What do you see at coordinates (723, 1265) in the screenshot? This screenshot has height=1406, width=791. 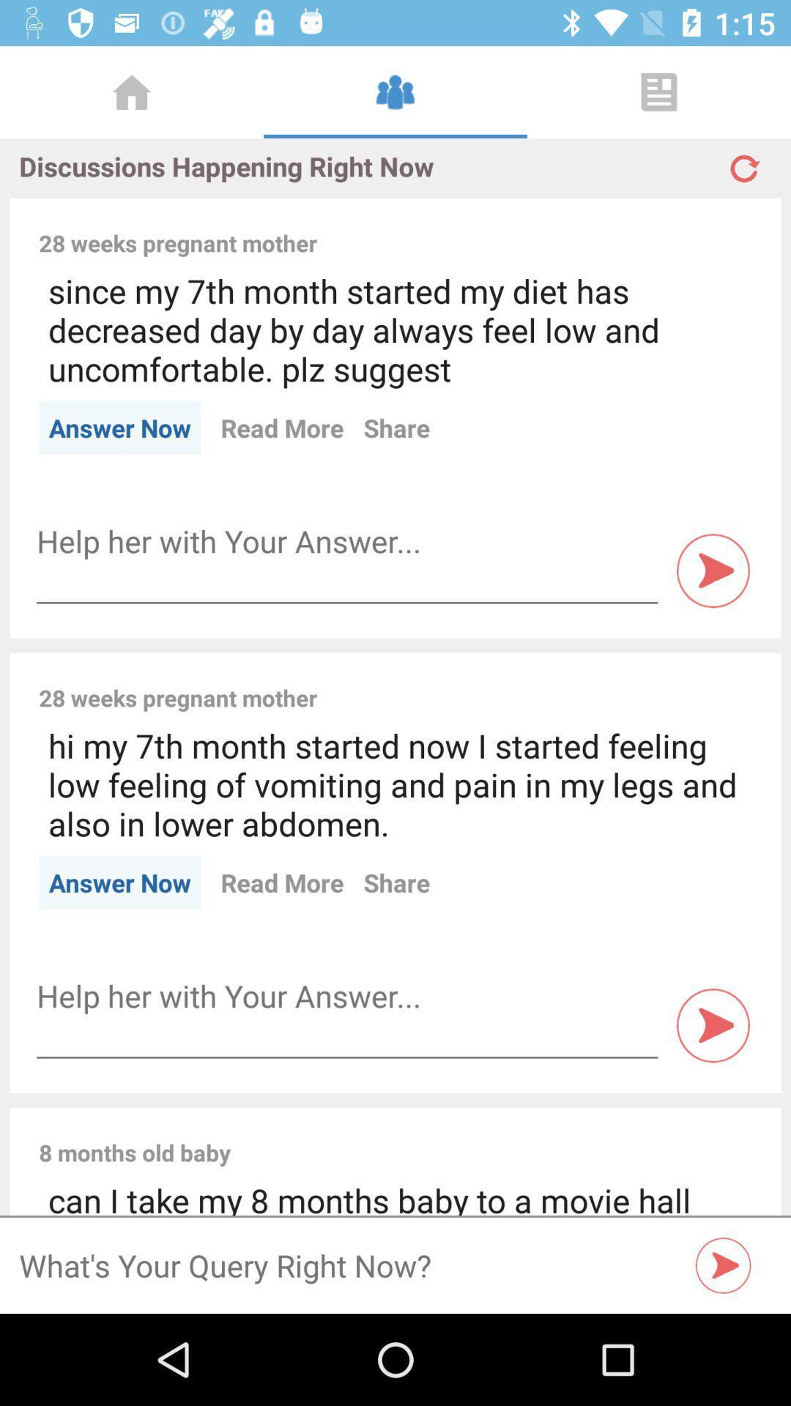 I see `the play icon` at bounding box center [723, 1265].